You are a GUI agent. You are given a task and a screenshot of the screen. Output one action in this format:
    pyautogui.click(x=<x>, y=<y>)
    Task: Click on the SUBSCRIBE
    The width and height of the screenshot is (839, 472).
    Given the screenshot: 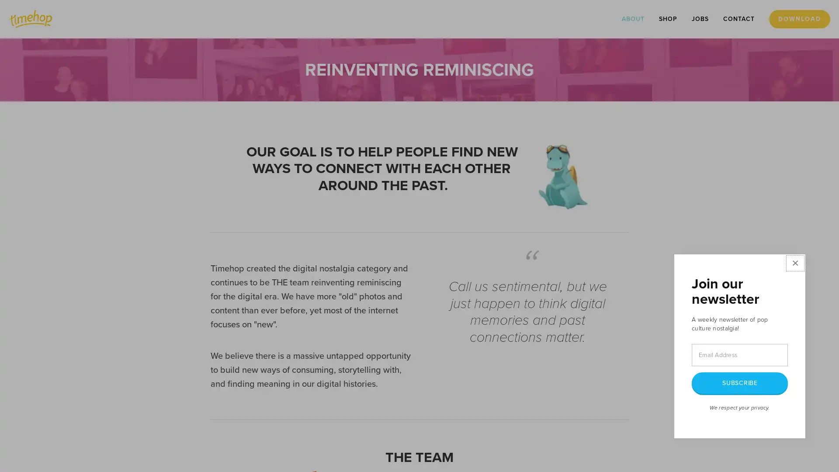 What is the action you would take?
    pyautogui.click(x=739, y=382)
    